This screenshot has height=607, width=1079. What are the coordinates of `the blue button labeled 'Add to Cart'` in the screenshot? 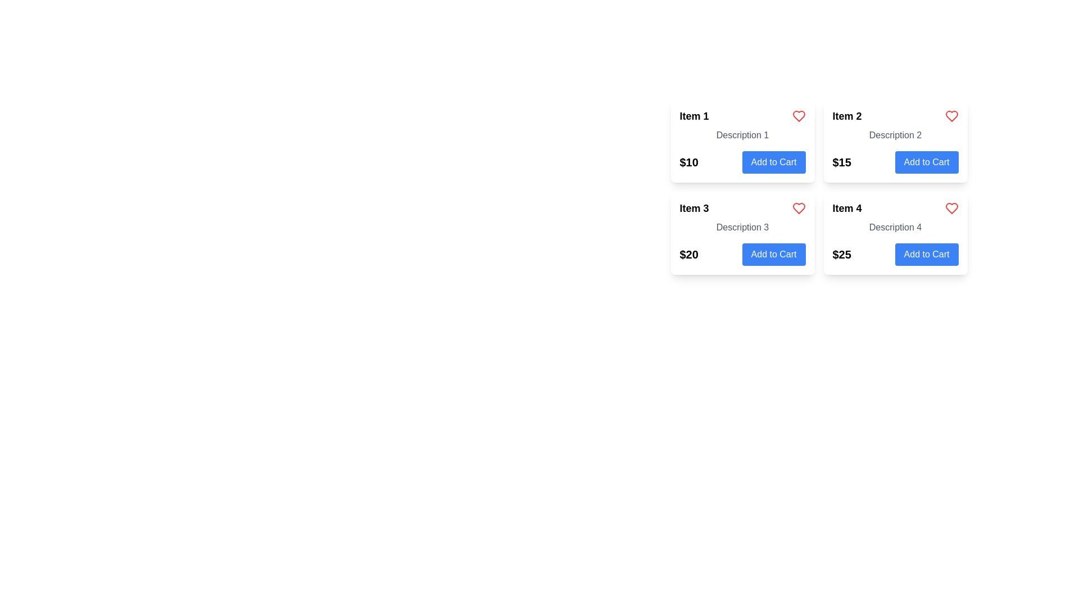 It's located at (927, 254).